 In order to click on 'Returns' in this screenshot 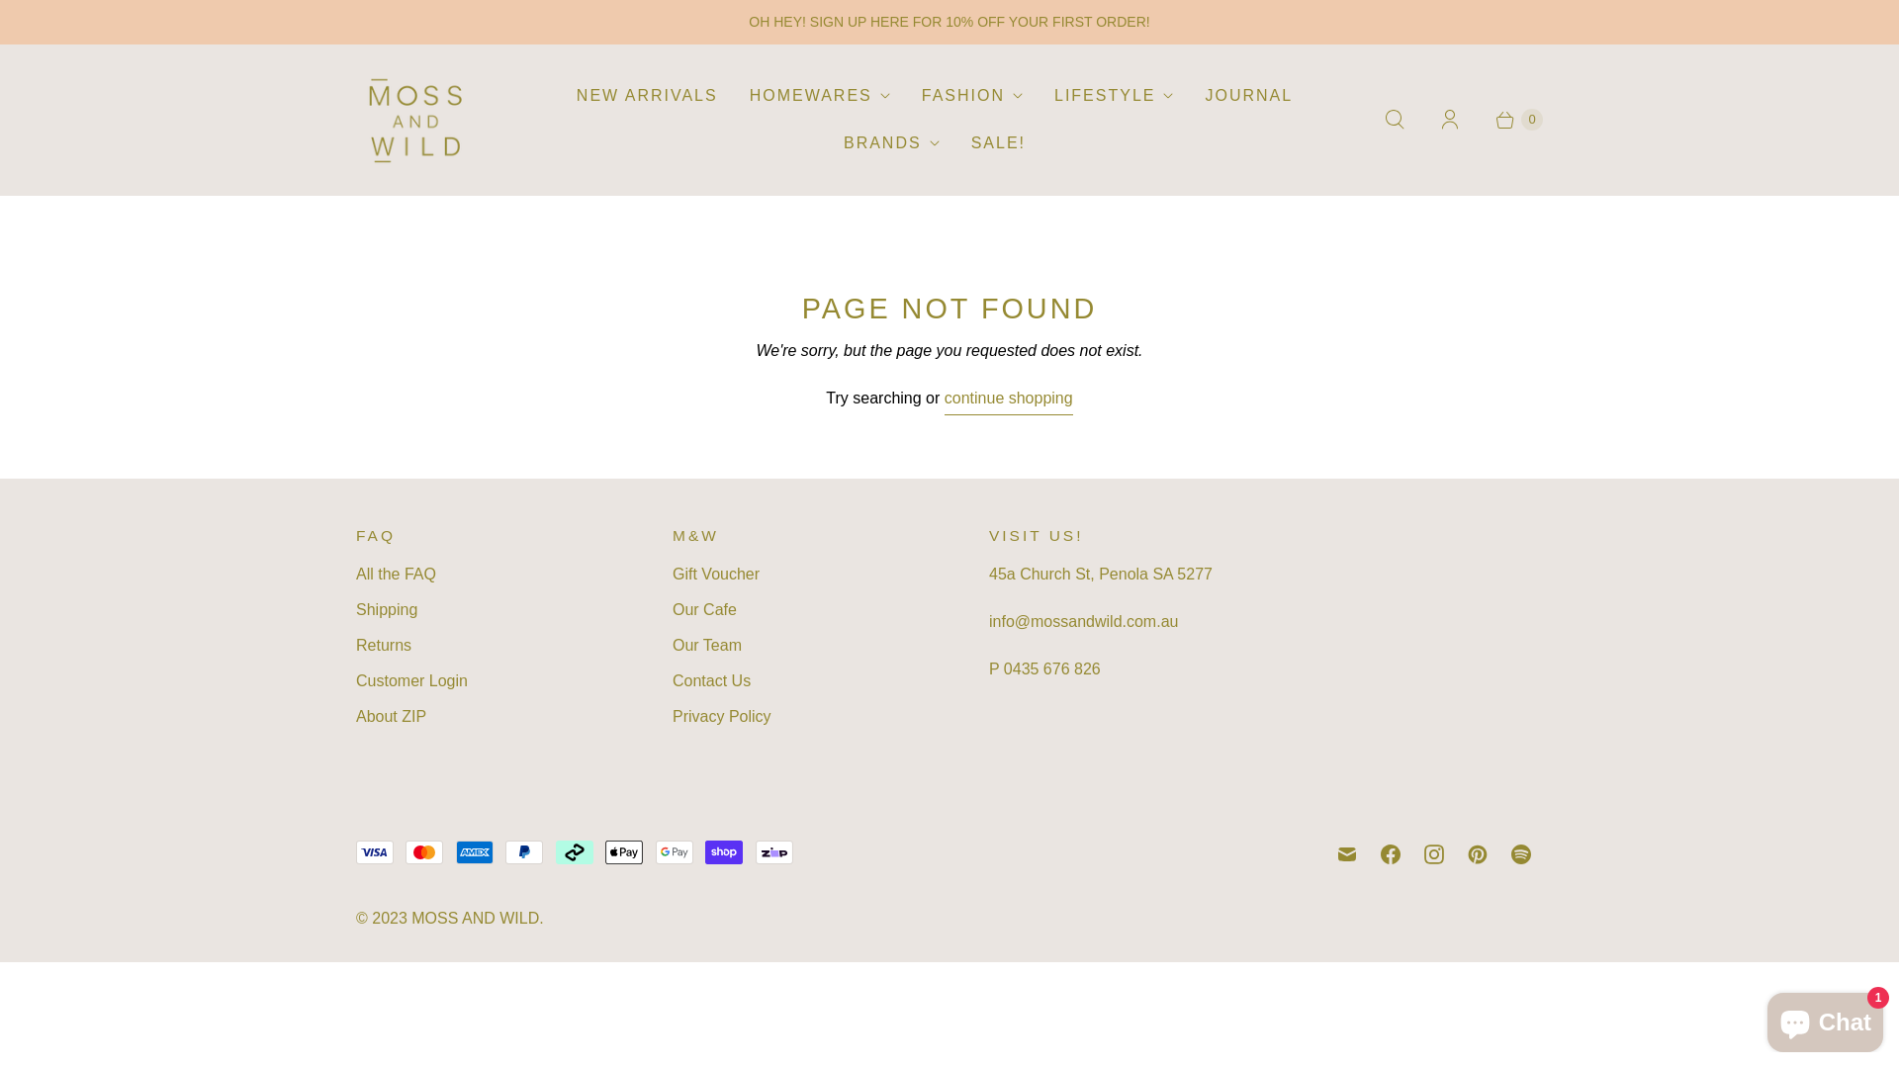, I will do `click(384, 645)`.